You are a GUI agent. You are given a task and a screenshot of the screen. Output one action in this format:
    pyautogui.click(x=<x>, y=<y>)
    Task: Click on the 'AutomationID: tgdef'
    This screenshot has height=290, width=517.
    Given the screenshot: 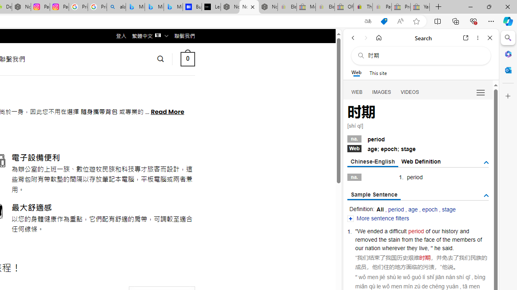 What is the action you would take?
    pyautogui.click(x=485, y=163)
    